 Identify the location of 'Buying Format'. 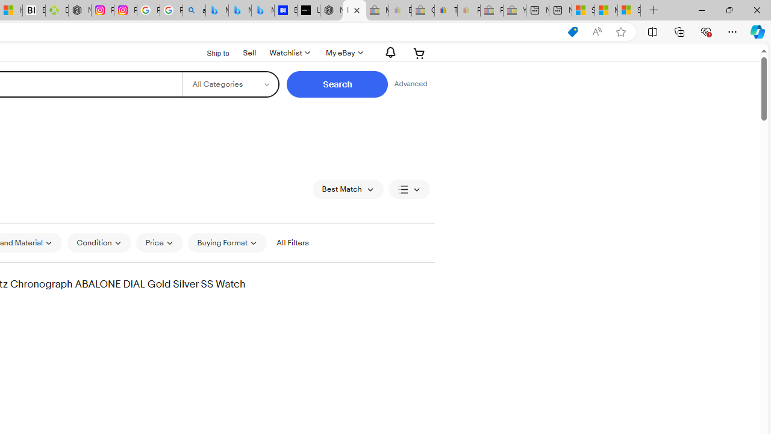
(227, 243).